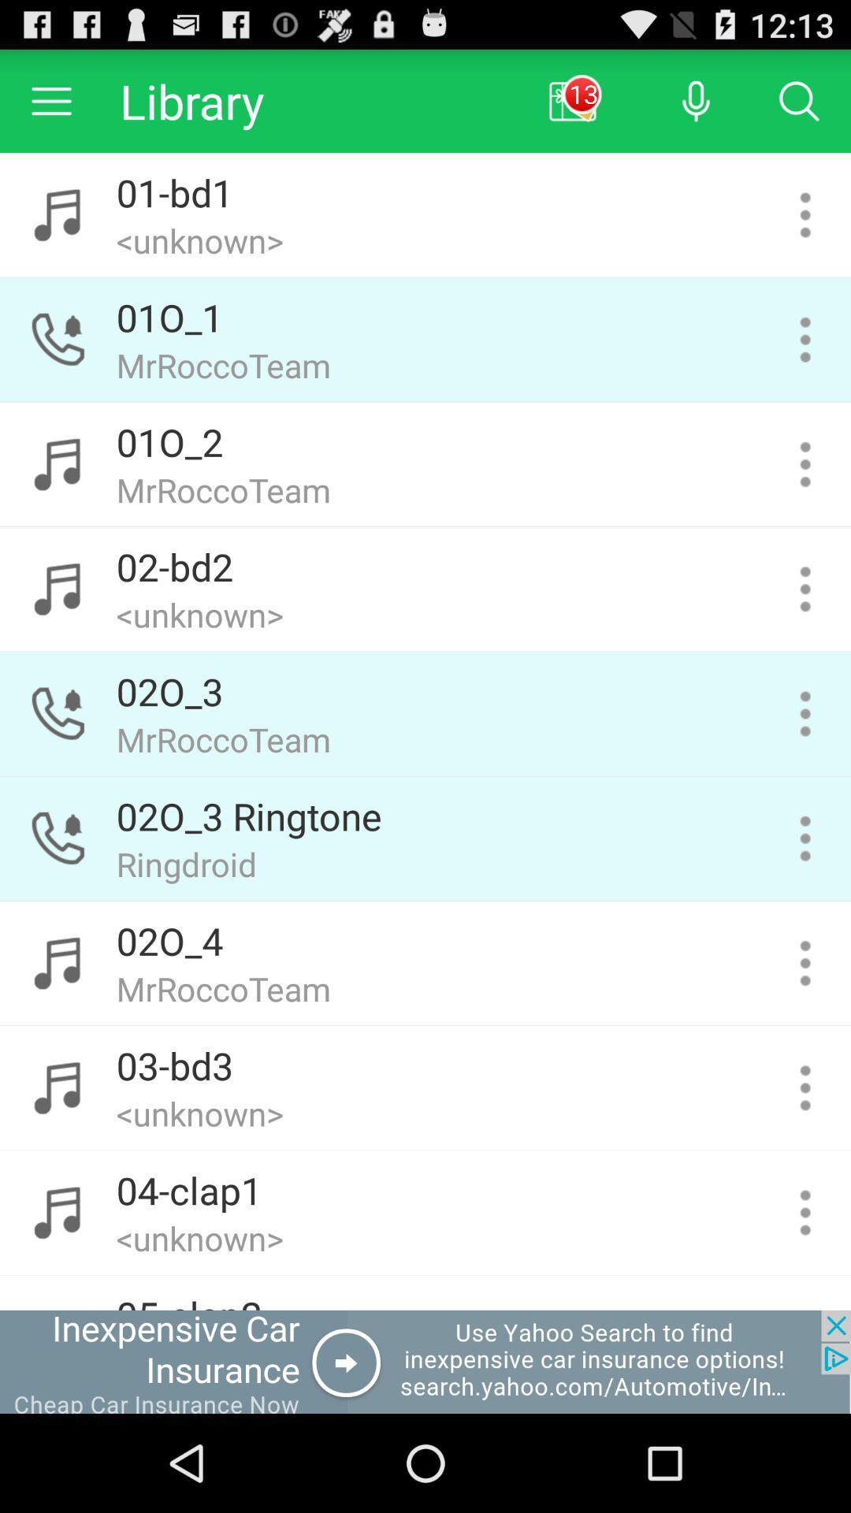  What do you see at coordinates (805, 214) in the screenshot?
I see `file options` at bounding box center [805, 214].